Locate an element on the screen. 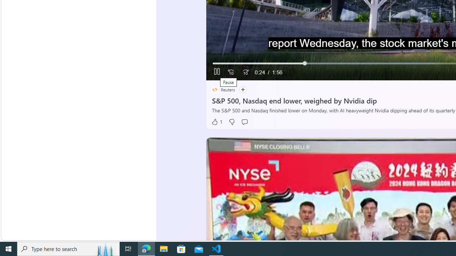 This screenshot has height=256, width=456. 'Follow' is located at coordinates (242, 89).